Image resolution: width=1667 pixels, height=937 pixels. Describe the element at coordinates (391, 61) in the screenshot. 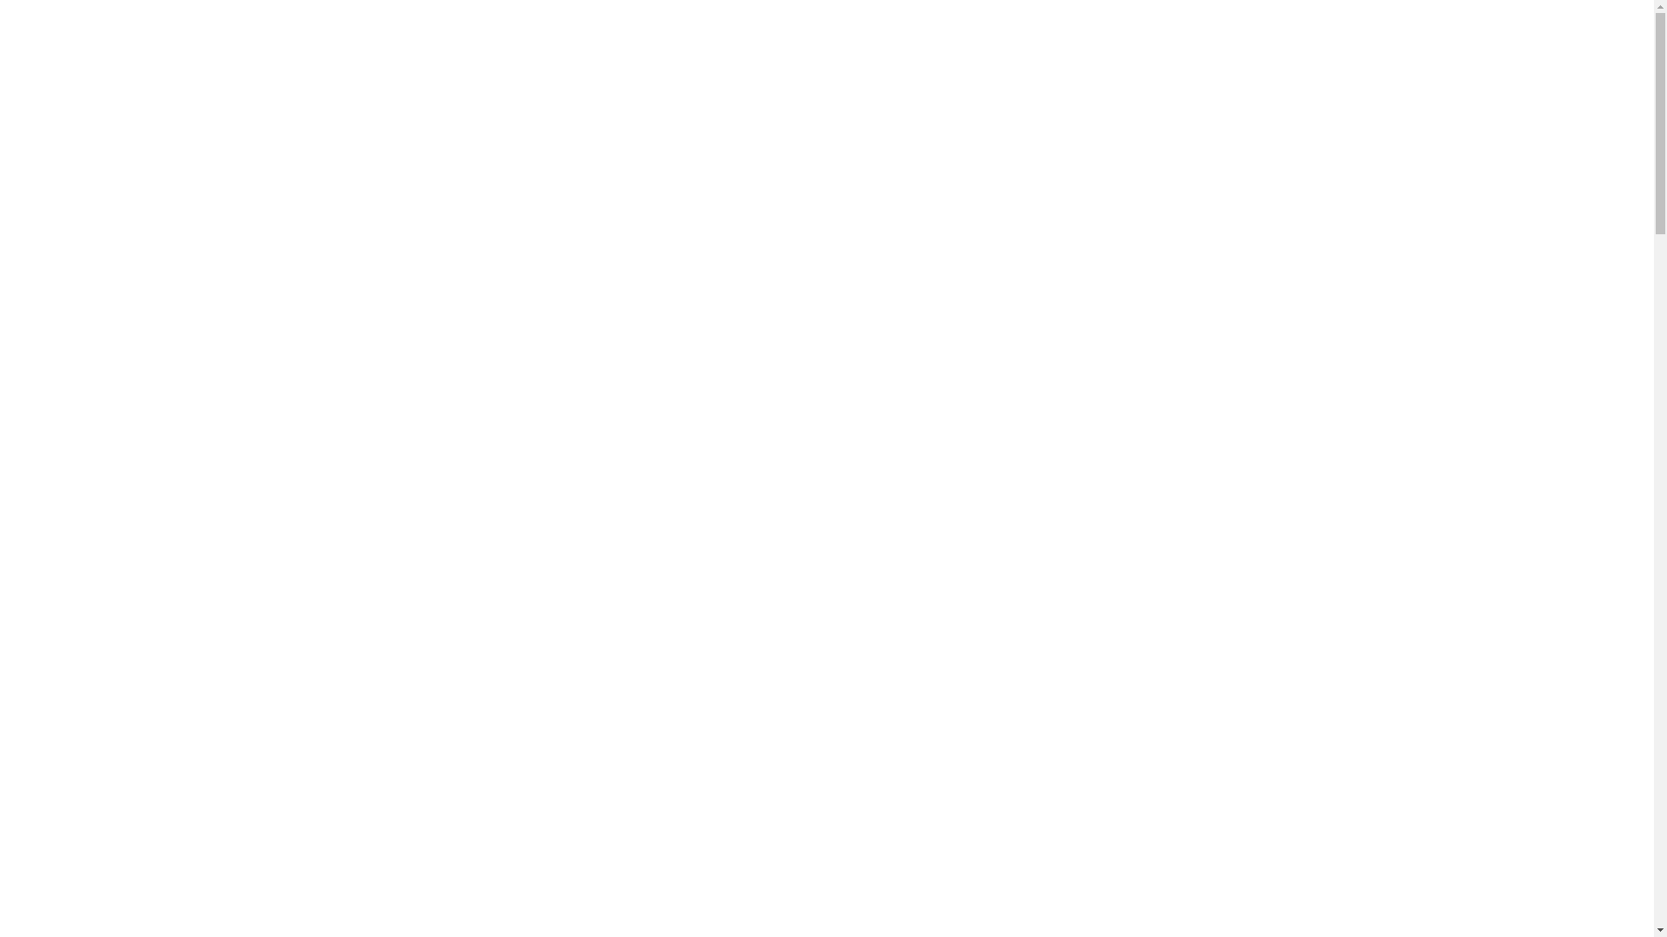

I see `'NEW-FNCC-logo-RGB-VFA1'` at that location.